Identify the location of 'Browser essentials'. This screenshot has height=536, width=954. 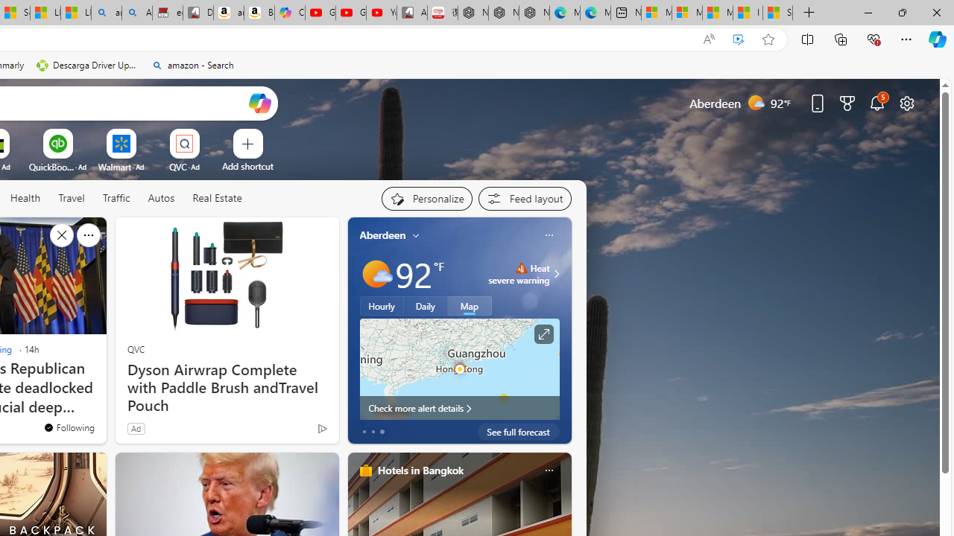
(873, 38).